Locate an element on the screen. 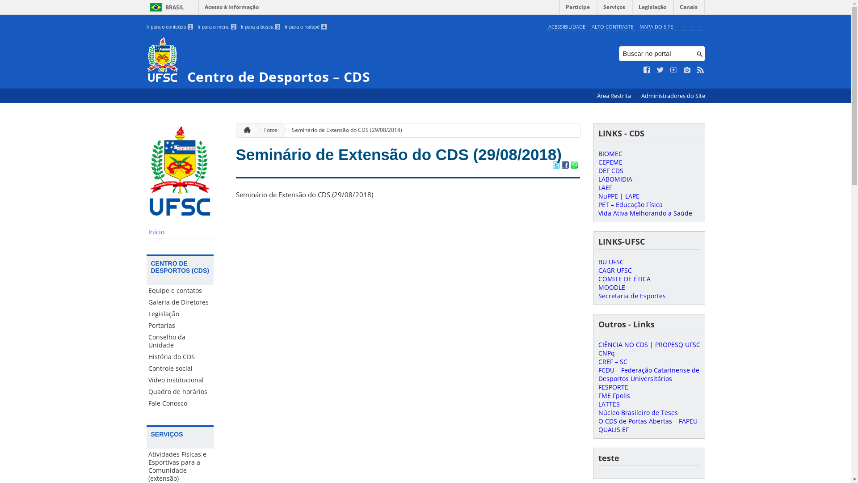 This screenshot has width=858, height=483. 'Controle social' is located at coordinates (180, 369).